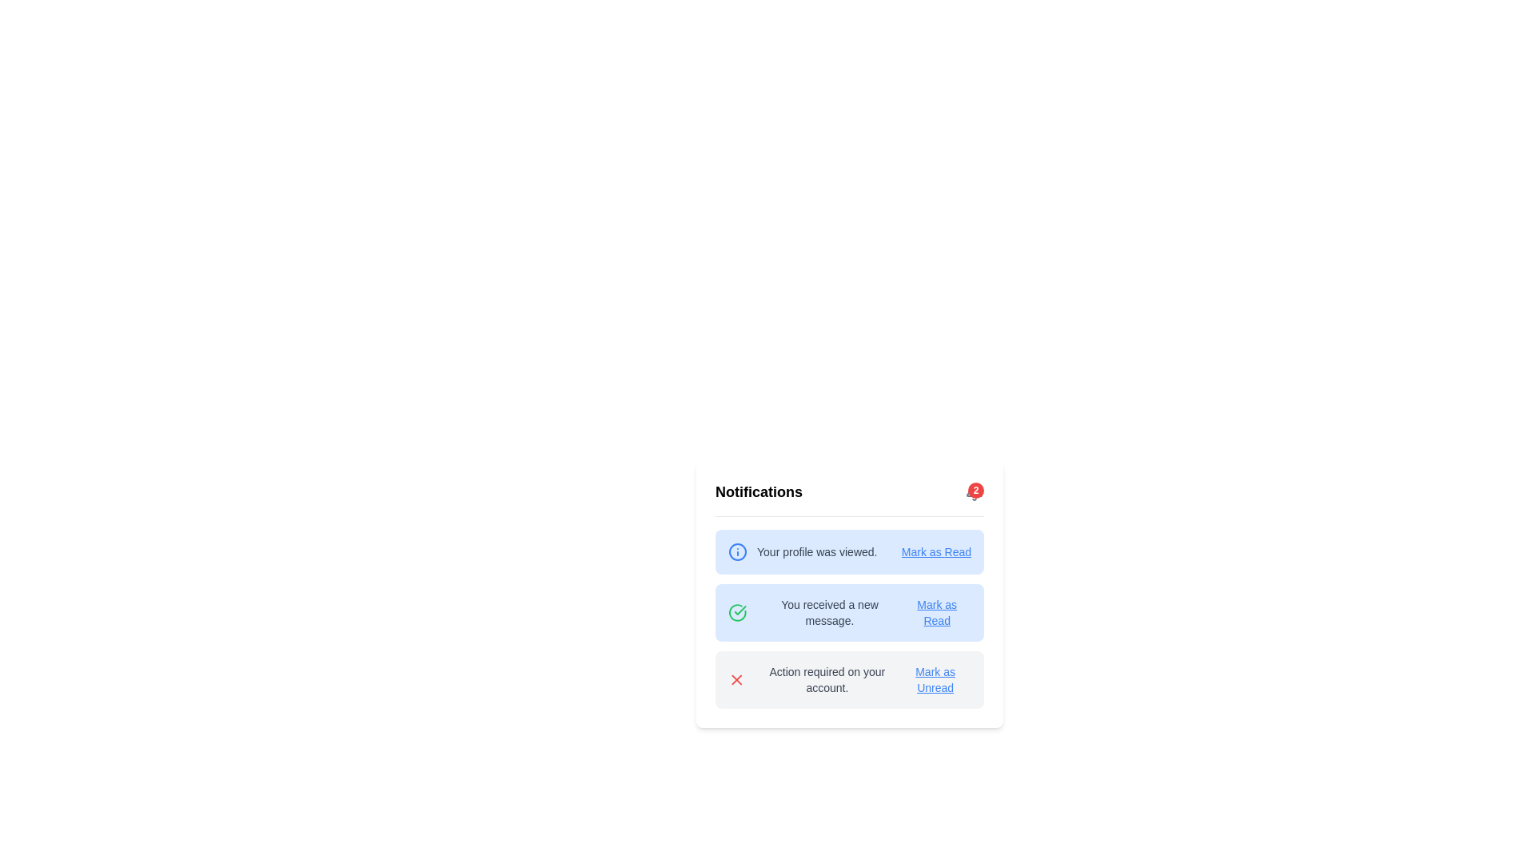 This screenshot has width=1535, height=863. Describe the element at coordinates (736, 551) in the screenshot. I see `the circular info icon with a blue outline and white interior, which is positioned at the start of the notification item stating 'Your profile was viewed.'` at that location.